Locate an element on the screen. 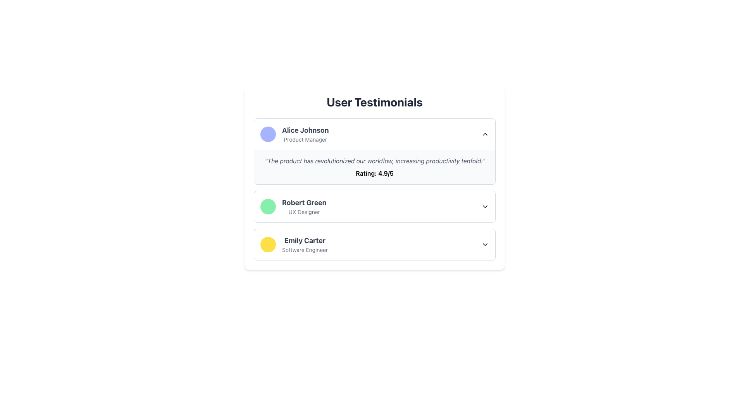 The width and height of the screenshot is (744, 418). displayed text from the multi-line text label element showing 'Alice Johnson' and 'Product Manager', located within the top testimonial card, adjacent to the indigo circular icon is located at coordinates (305, 134).